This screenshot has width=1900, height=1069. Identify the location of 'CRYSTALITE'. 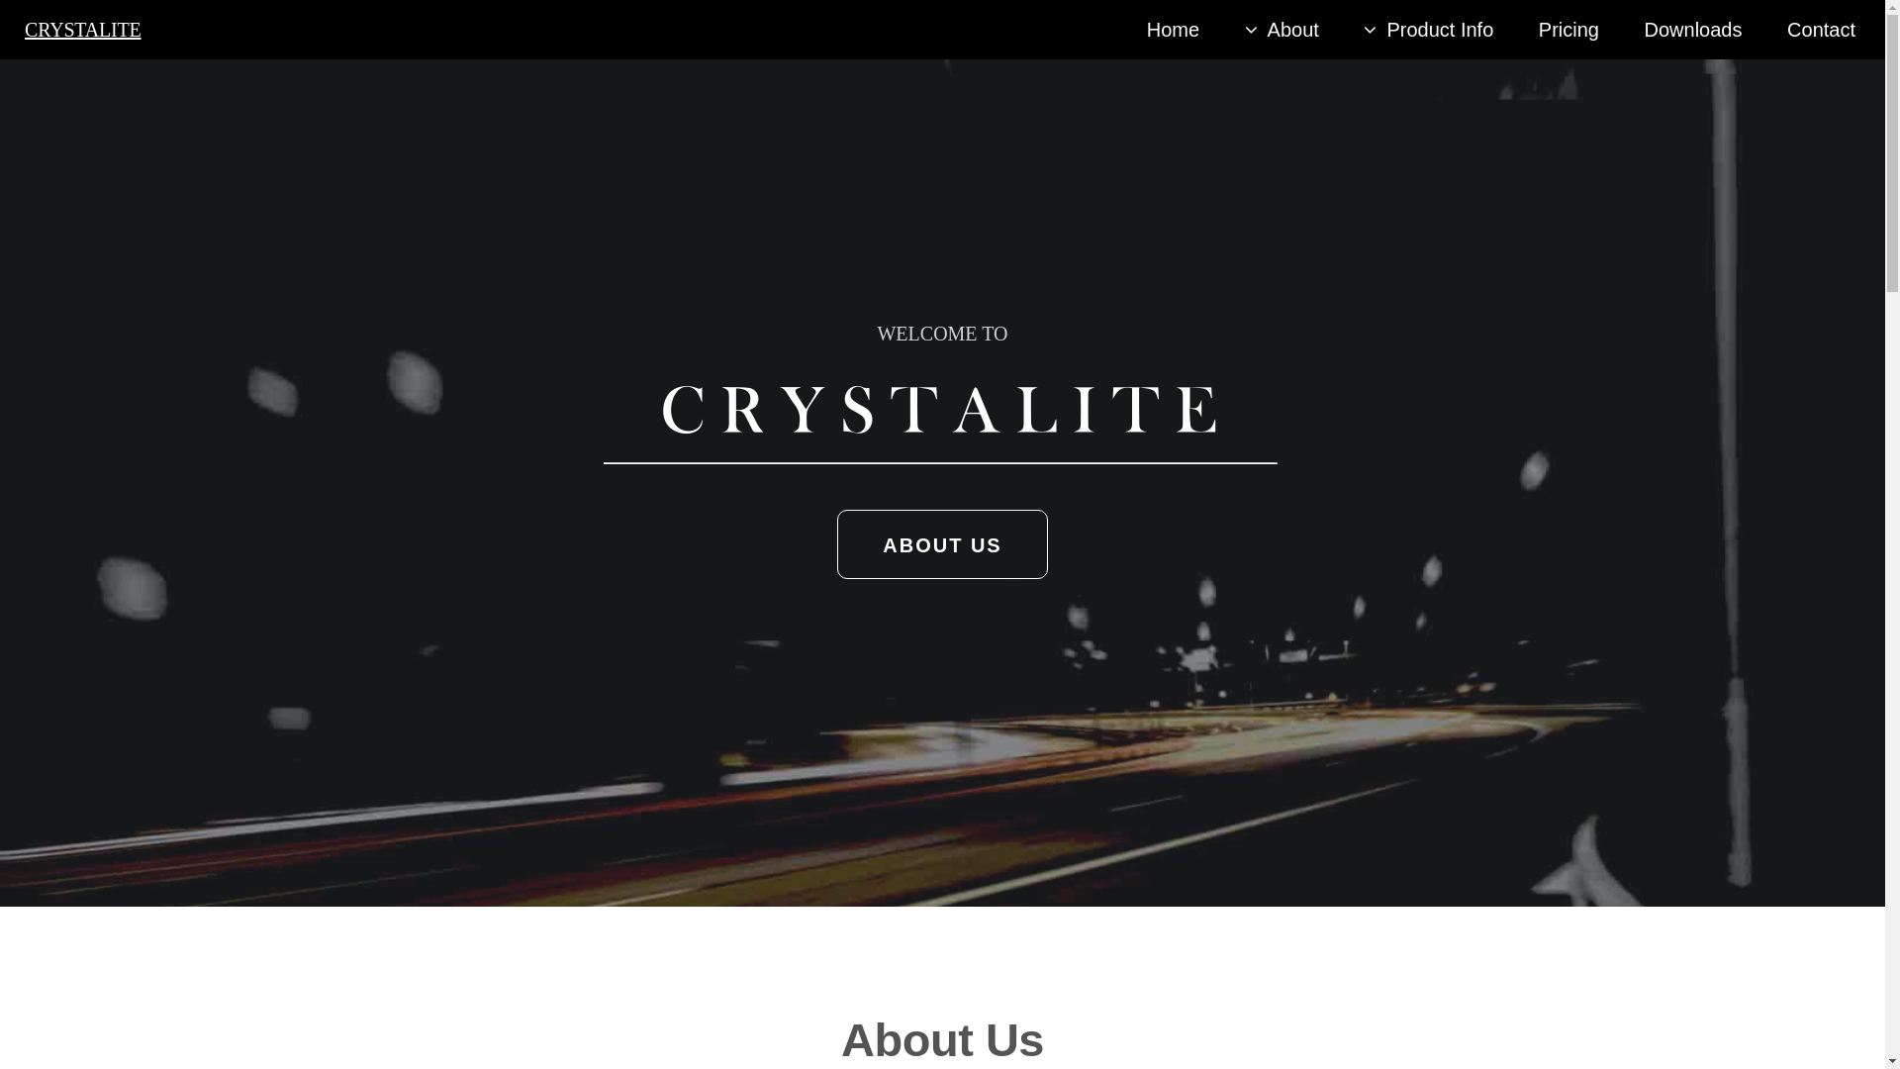
(81, 30).